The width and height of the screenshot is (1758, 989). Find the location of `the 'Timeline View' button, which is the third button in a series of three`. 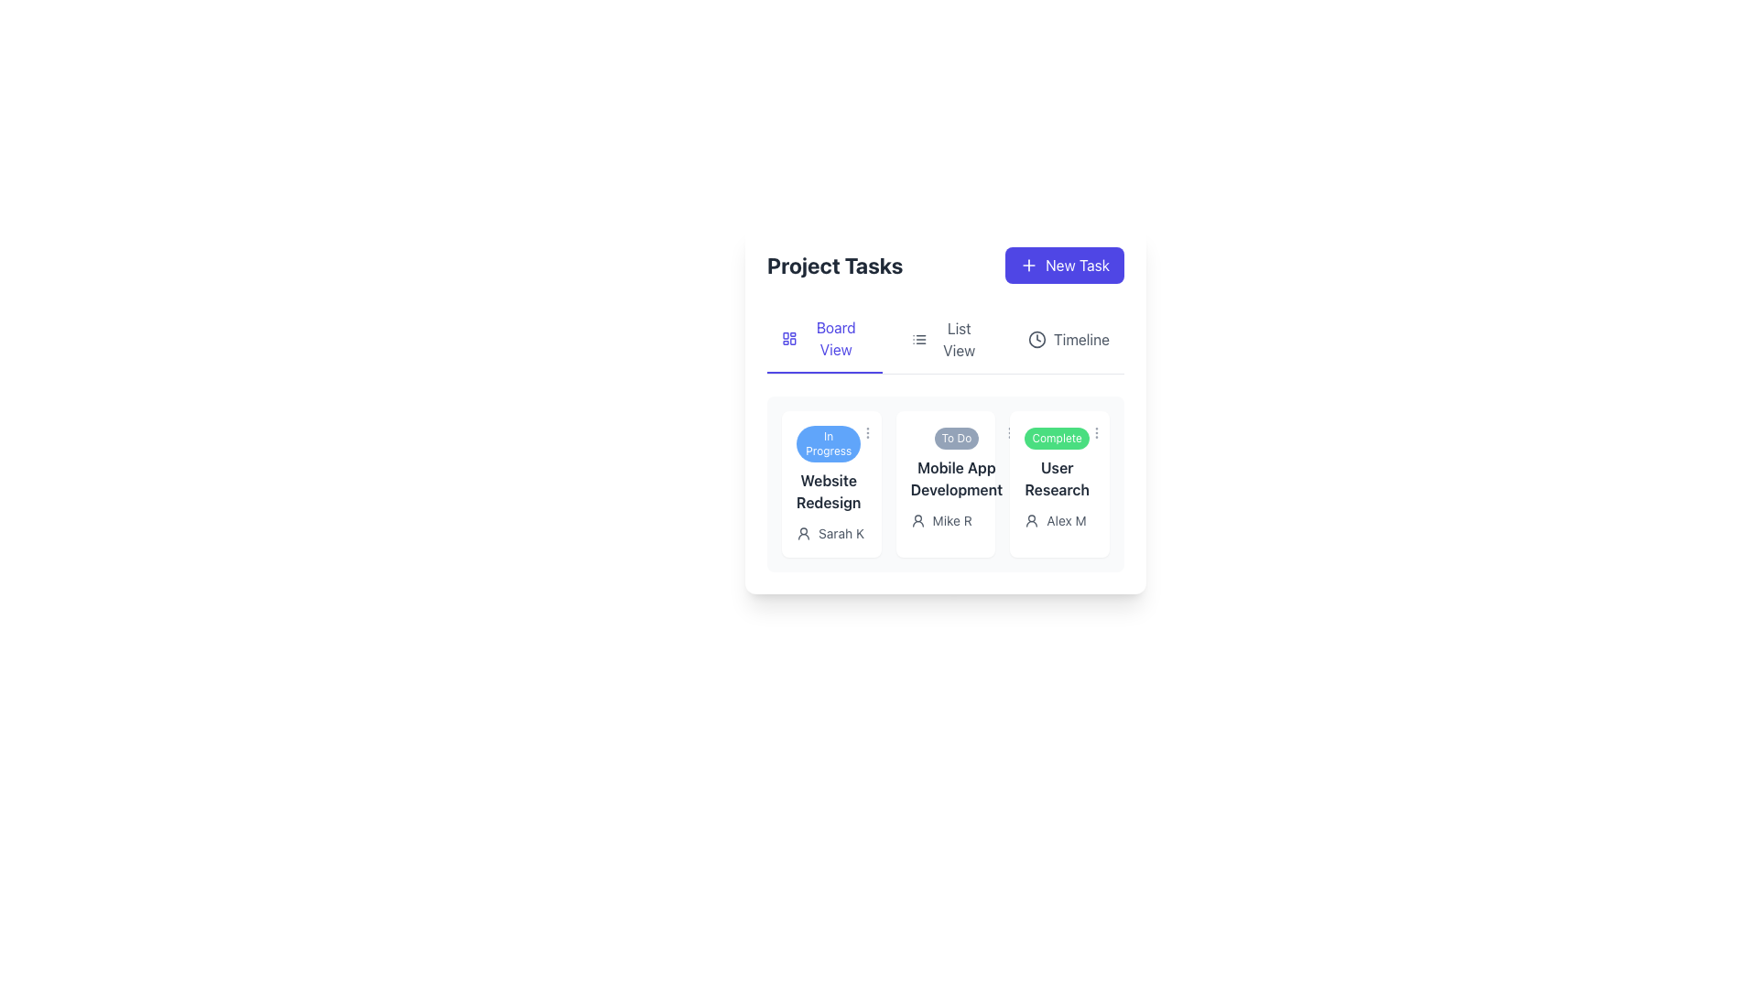

the 'Timeline View' button, which is the third button in a series of three is located at coordinates (1069, 339).